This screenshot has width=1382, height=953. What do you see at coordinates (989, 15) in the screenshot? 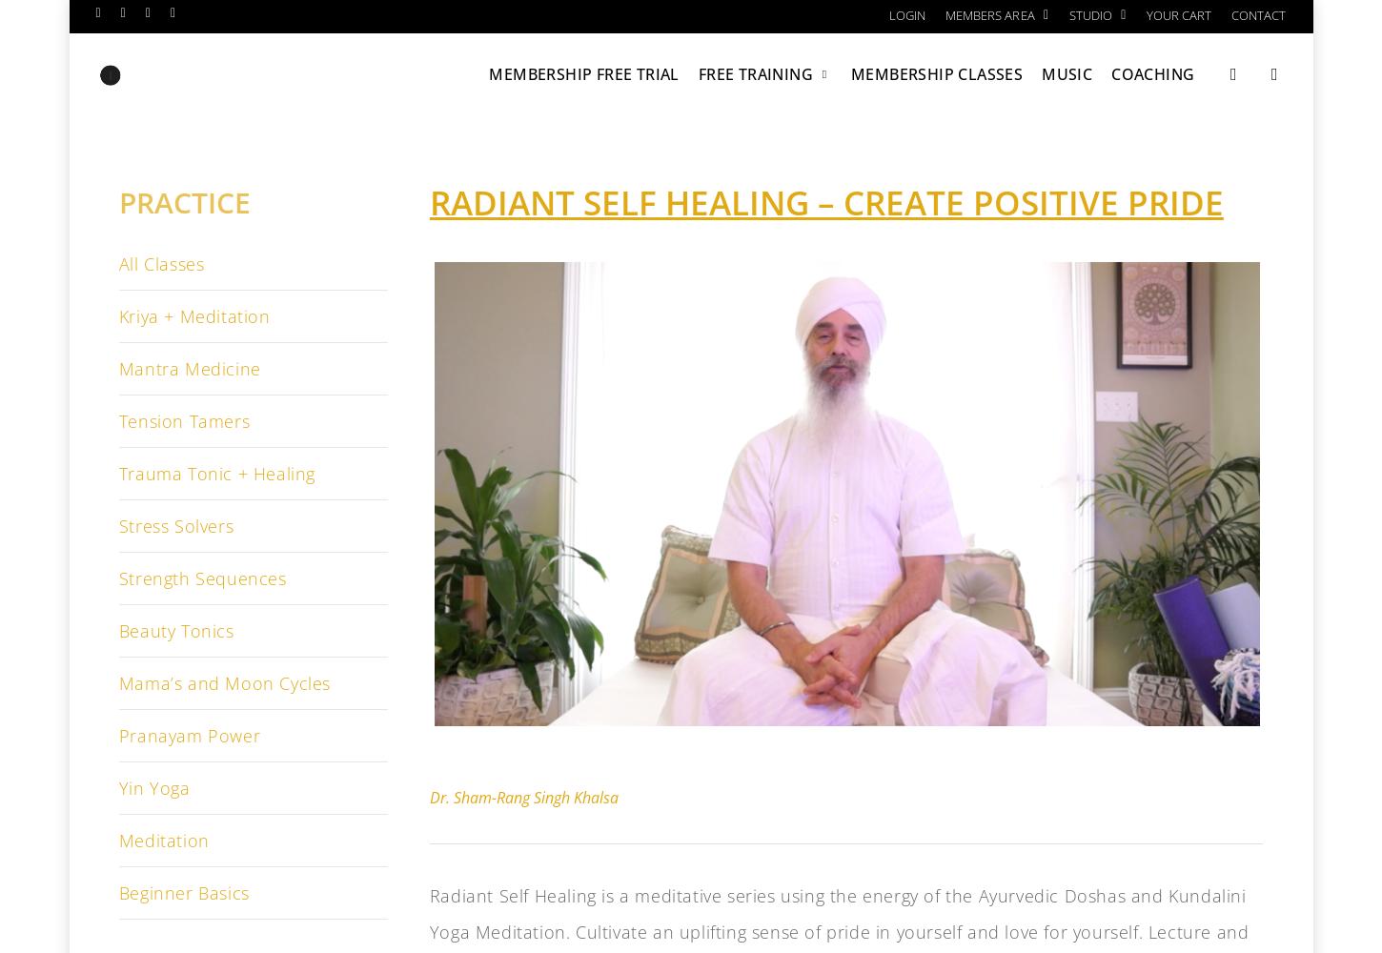
I see `'Members Area'` at bounding box center [989, 15].